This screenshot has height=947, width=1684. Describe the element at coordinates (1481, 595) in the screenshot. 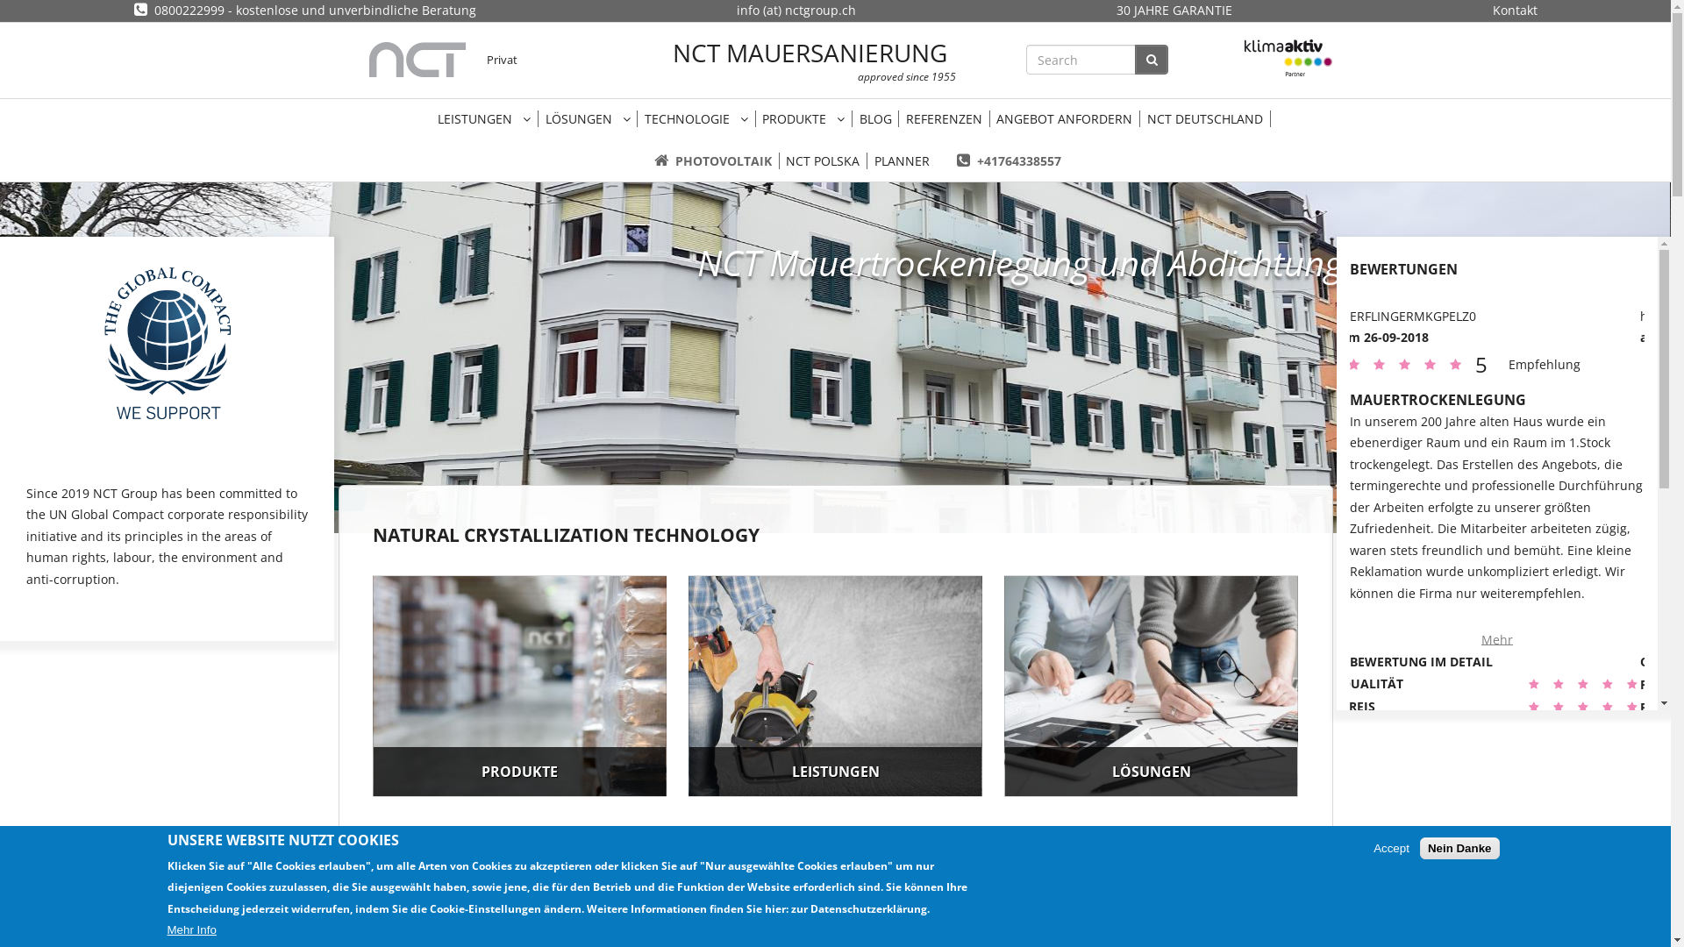

I see `'Mehr'` at that location.